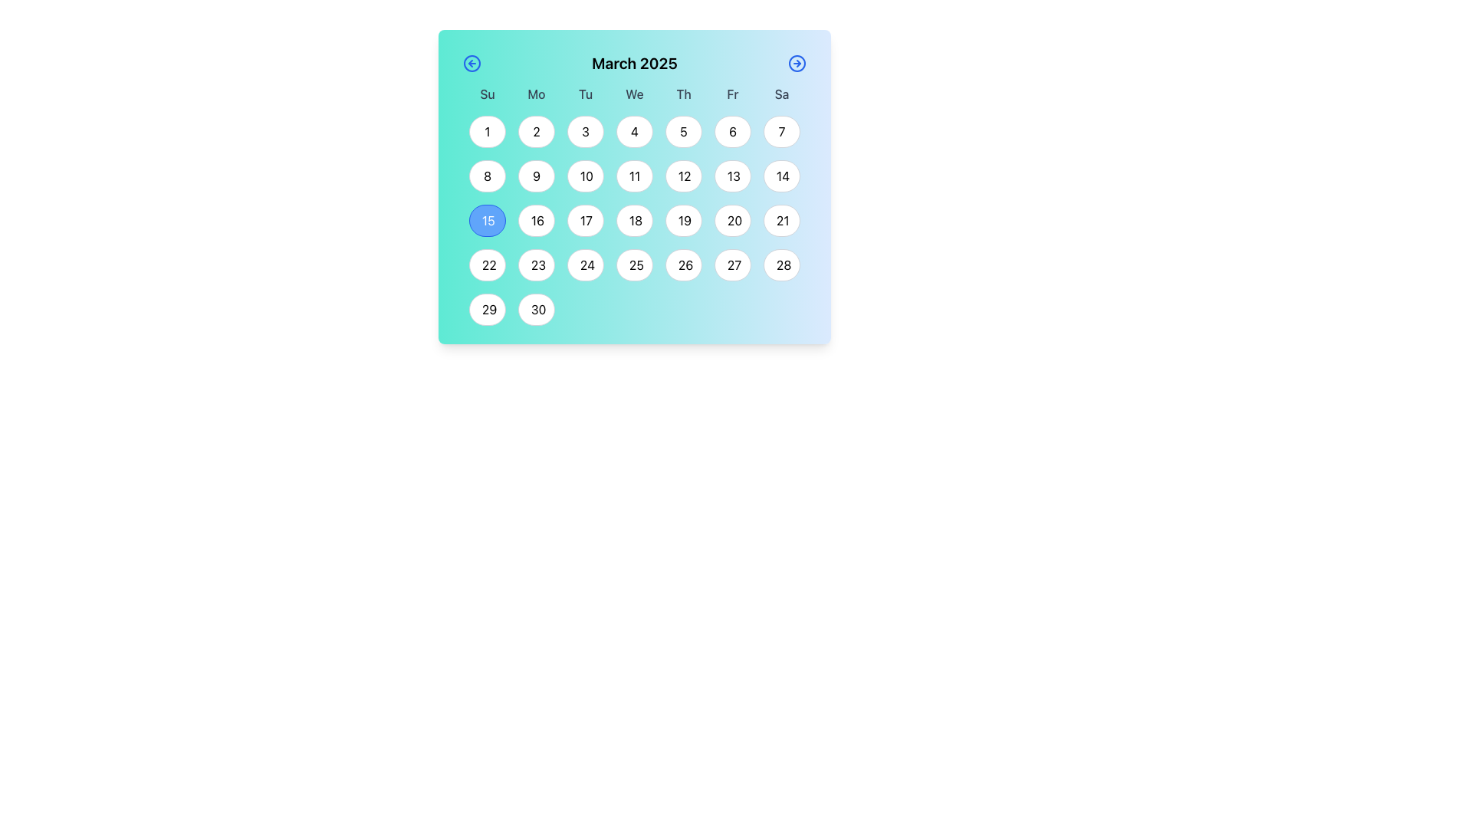 The height and width of the screenshot is (828, 1472). What do you see at coordinates (486, 310) in the screenshot?
I see `the circular button labeled '29' in the calendar grid interface` at bounding box center [486, 310].